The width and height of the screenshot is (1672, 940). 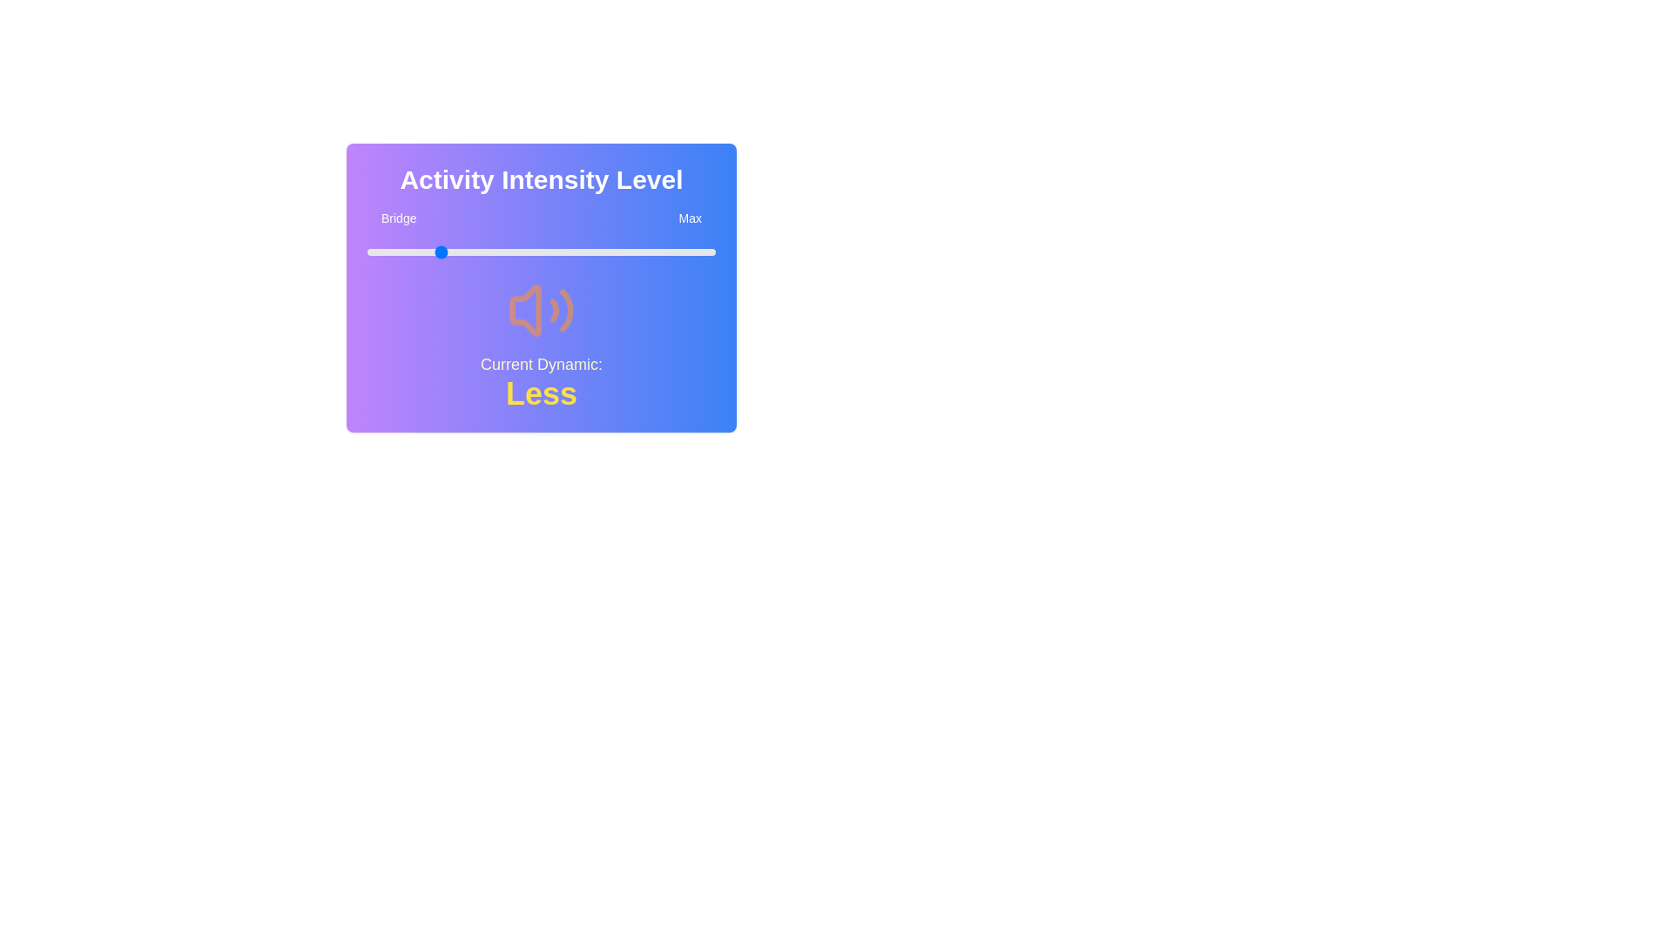 What do you see at coordinates (541, 252) in the screenshot?
I see `the slider to set the intensity level to 50%` at bounding box center [541, 252].